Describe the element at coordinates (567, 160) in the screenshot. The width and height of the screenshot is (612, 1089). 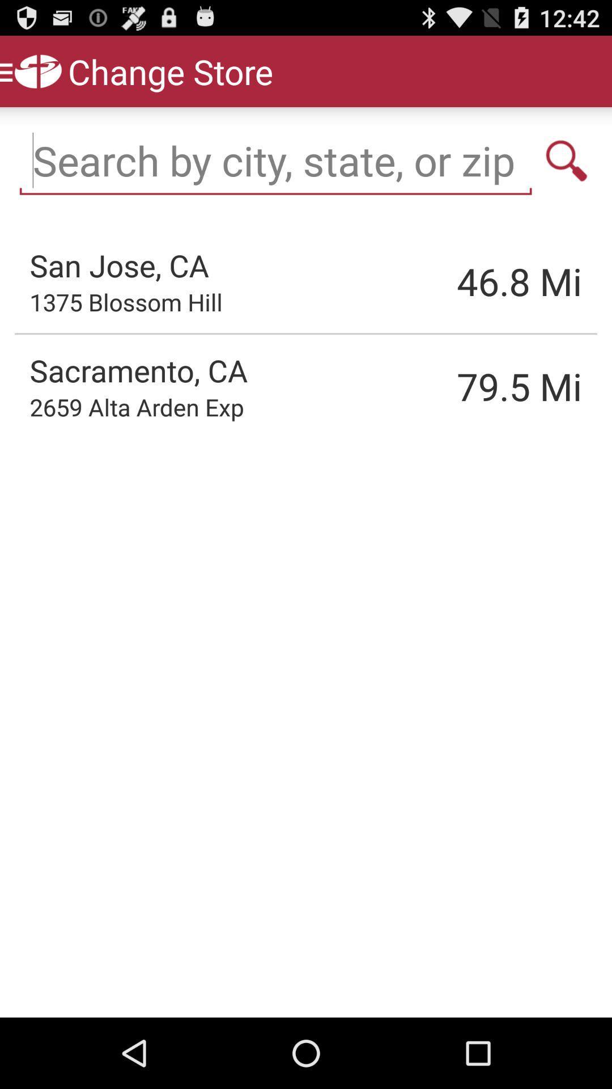
I see `search entry` at that location.